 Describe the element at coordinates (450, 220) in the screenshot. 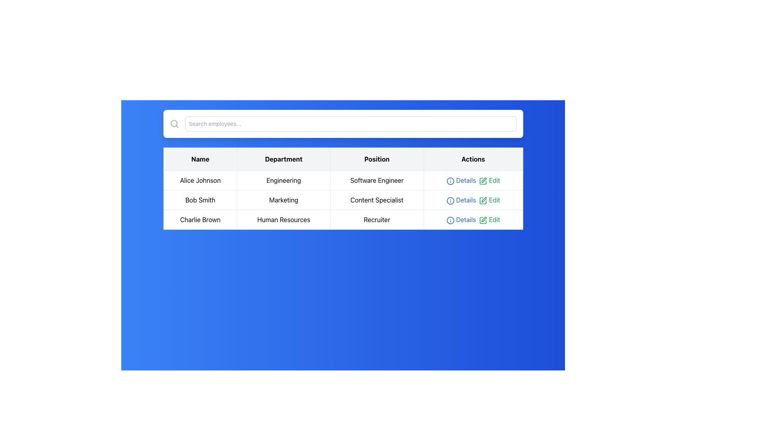

I see `informational Circle SVG graphical element located within the 'Actions' column of the third row of the data table, adjacent to the 'Details' text` at that location.